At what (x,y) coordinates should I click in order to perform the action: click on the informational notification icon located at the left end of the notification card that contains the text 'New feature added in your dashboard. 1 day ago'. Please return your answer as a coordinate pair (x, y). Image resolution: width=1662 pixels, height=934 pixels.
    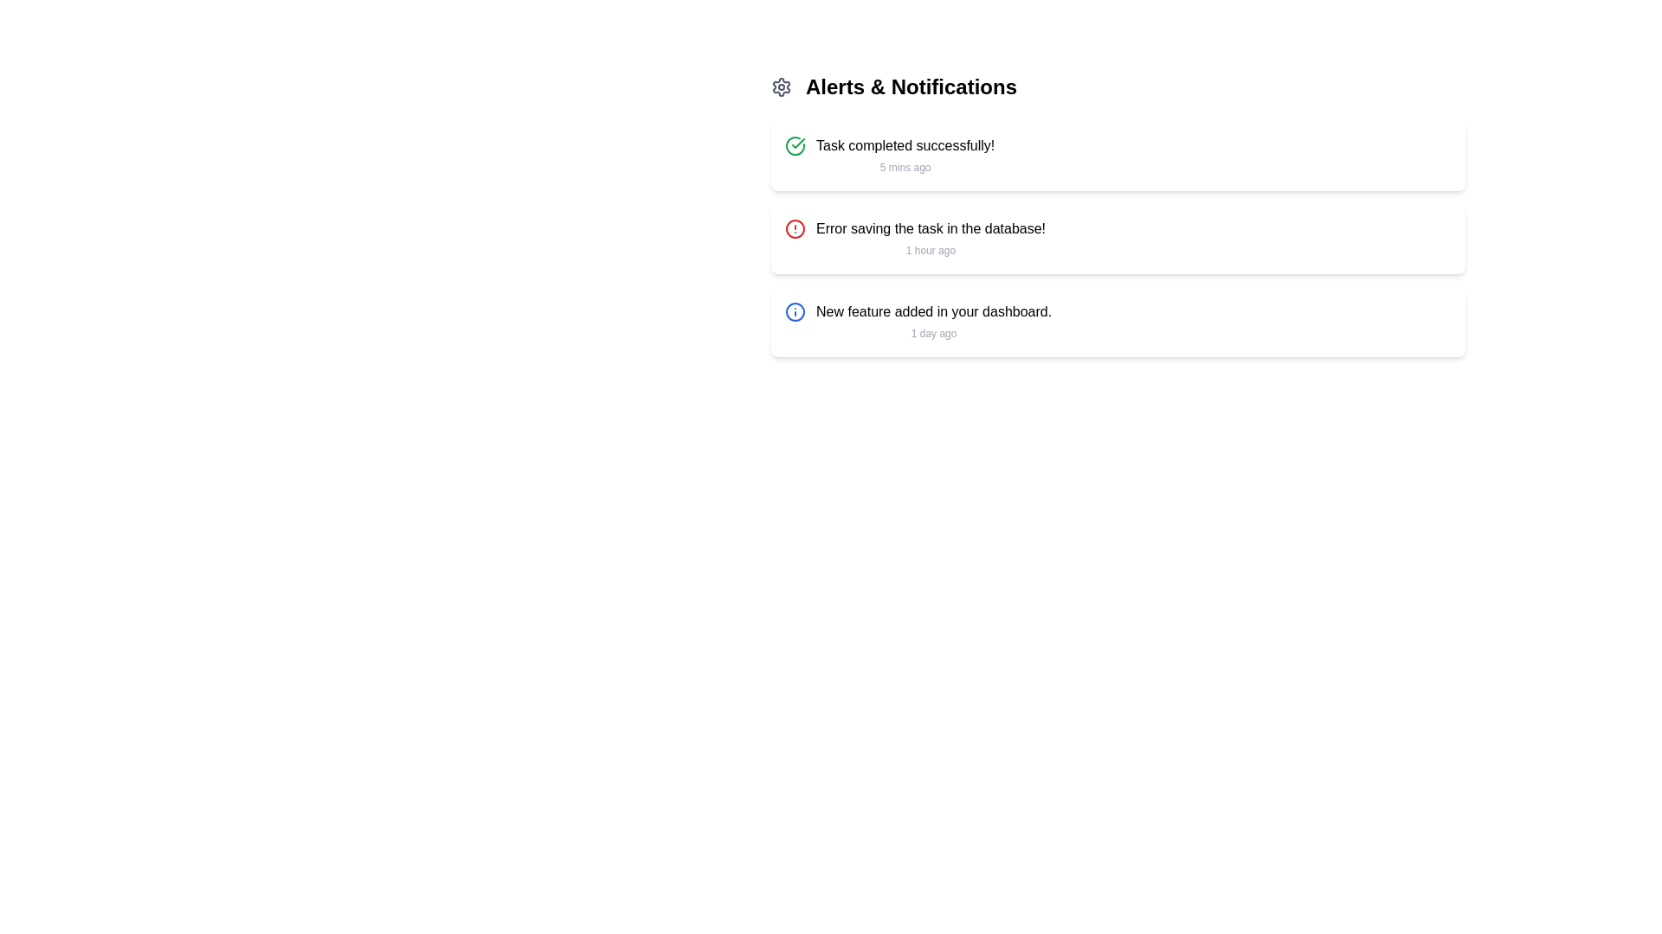
    Looking at the image, I should click on (794, 312).